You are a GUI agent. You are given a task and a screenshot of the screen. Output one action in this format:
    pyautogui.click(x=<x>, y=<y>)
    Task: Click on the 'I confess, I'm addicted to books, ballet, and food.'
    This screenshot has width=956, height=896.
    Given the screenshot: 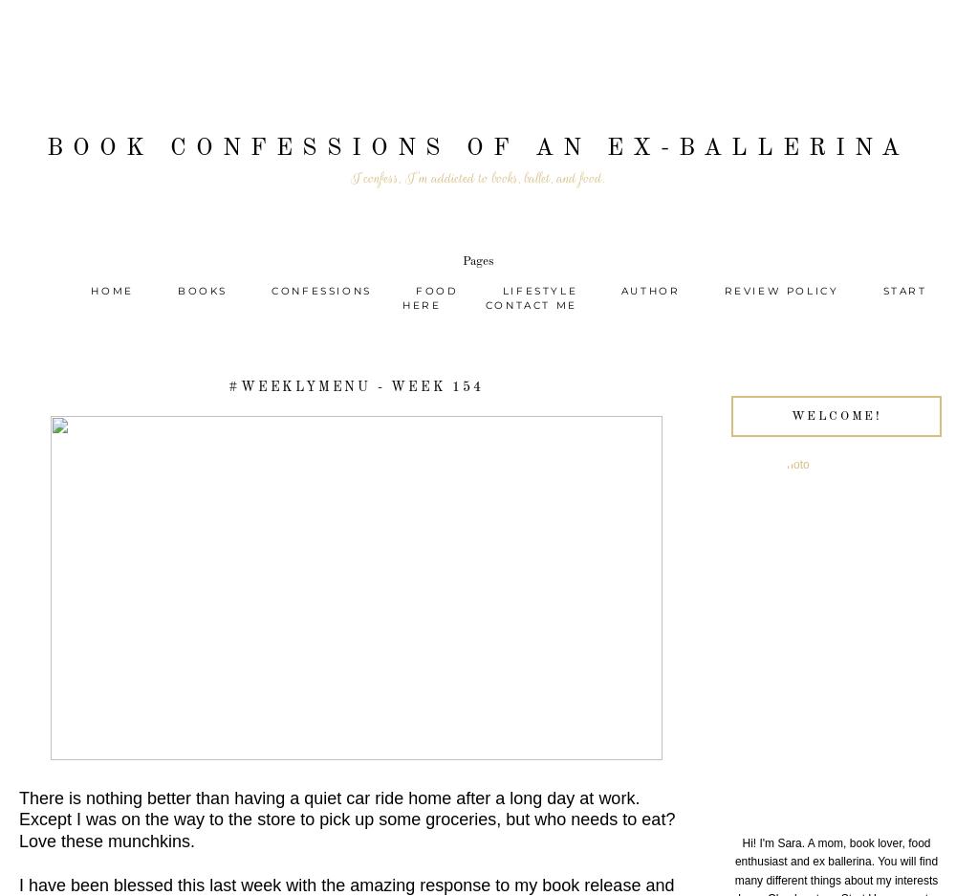 What is the action you would take?
    pyautogui.click(x=478, y=178)
    